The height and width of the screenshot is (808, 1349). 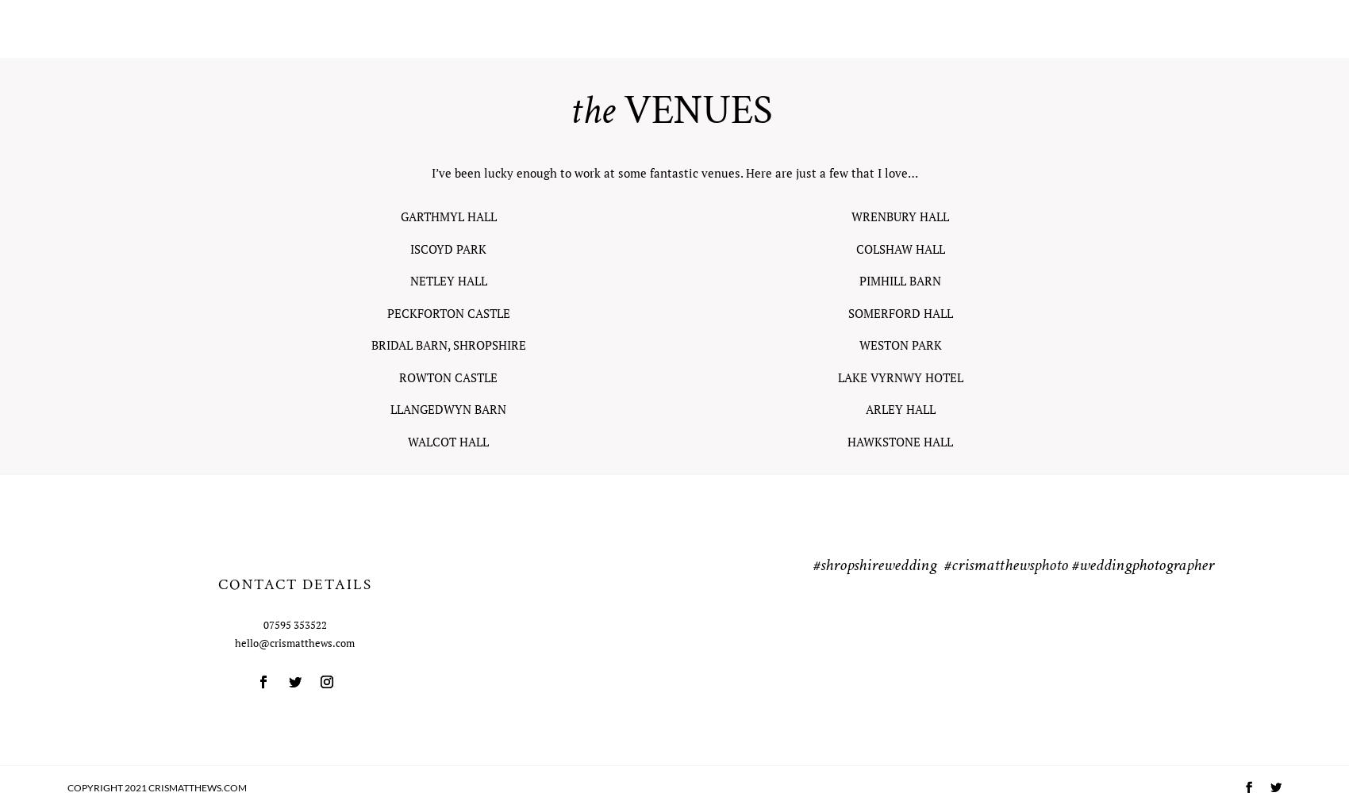 What do you see at coordinates (448, 440) in the screenshot?
I see `'WALCOT HALL'` at bounding box center [448, 440].